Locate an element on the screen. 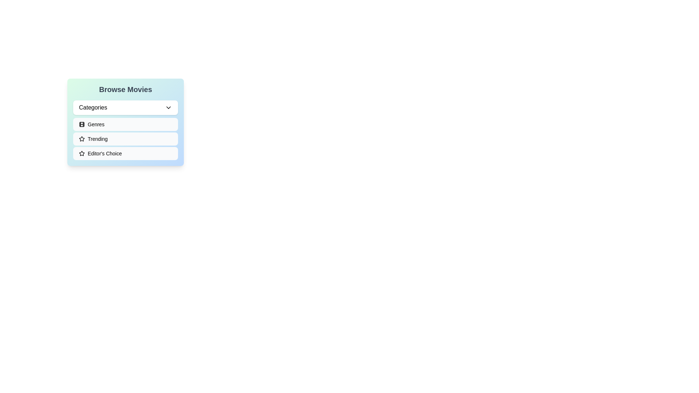  the star icon located to the left of the 'Trending' text in the 'Browse Movies' section is located at coordinates (82, 139).